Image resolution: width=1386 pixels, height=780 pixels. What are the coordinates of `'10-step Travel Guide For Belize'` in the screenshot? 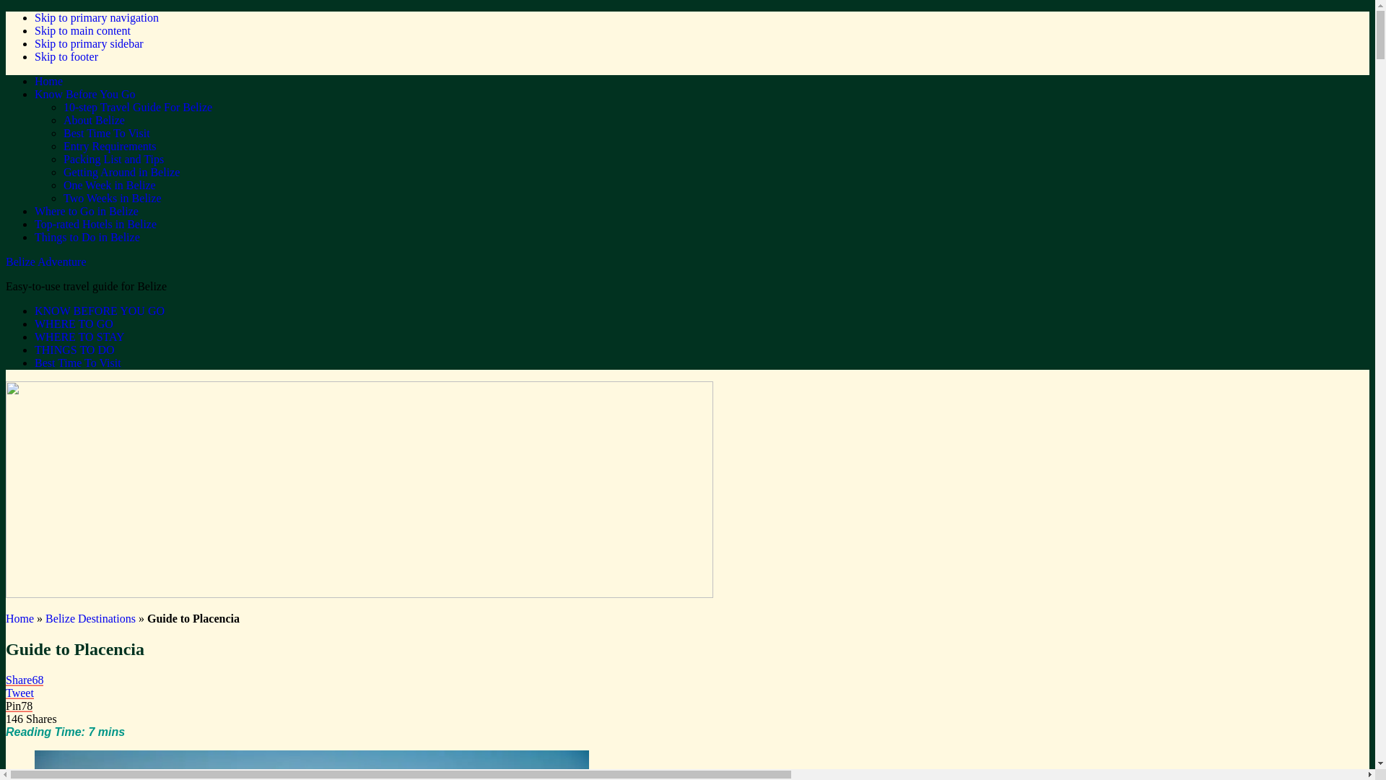 It's located at (138, 106).